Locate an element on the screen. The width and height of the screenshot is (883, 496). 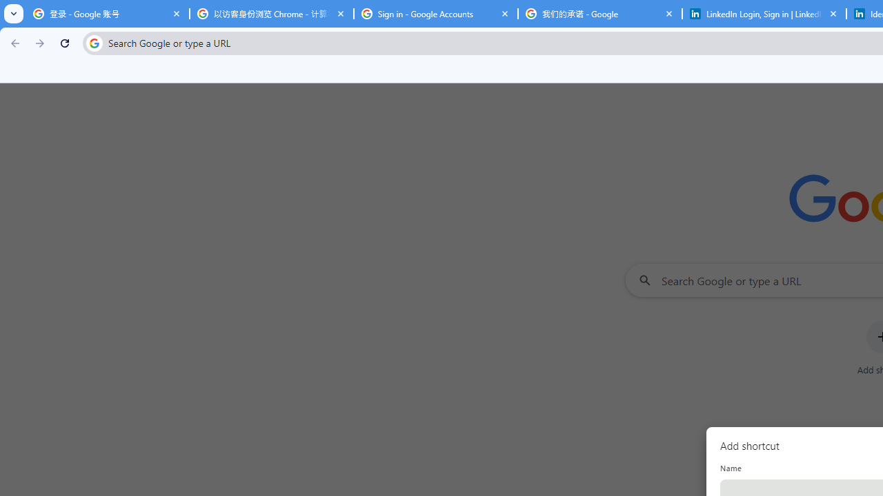
'LinkedIn Login, Sign in | LinkedIn' is located at coordinates (764, 14).